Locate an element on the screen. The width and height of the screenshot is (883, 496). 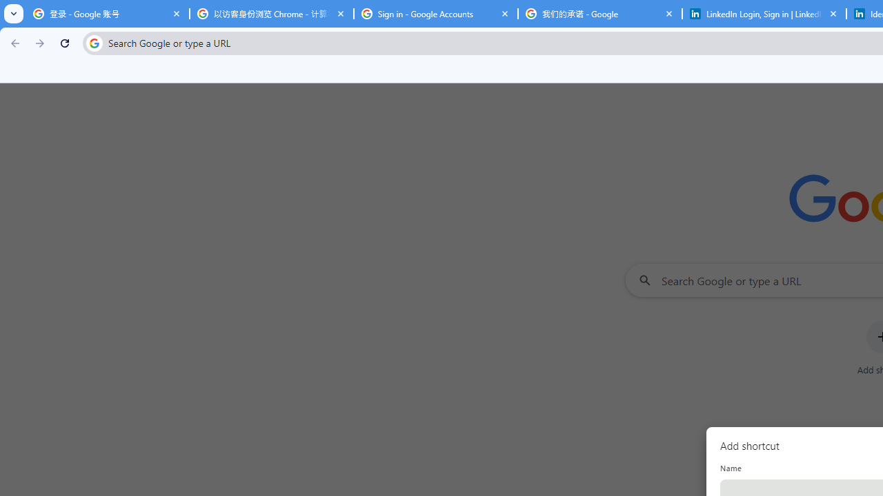
'LinkedIn Login, Sign in | LinkedIn' is located at coordinates (764, 14).